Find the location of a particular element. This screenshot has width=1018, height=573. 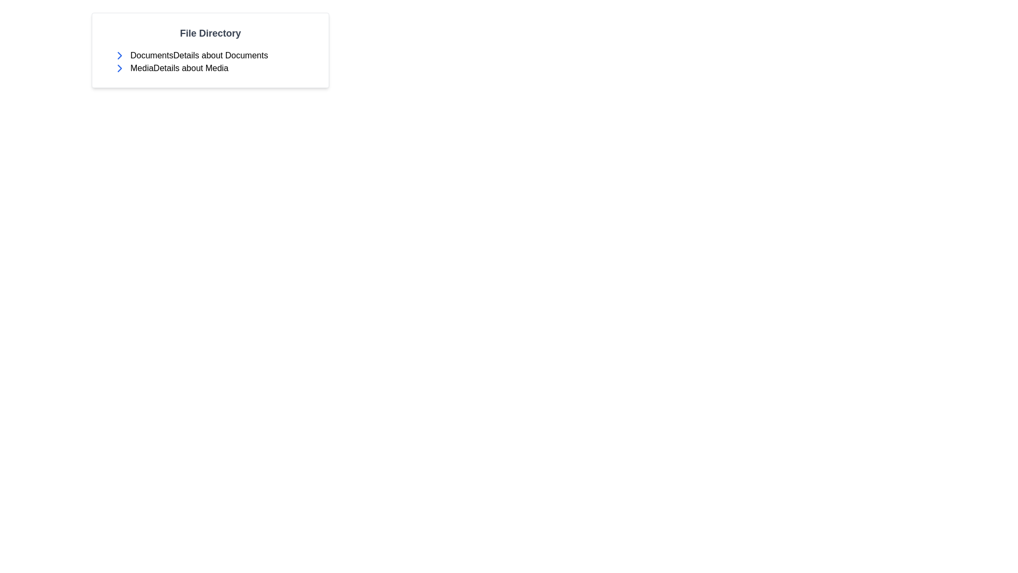

the 'DocumentsDetails about Documents' text label located in the first row under 'File Directory', which has a tooltip for additional information is located at coordinates (199, 55).